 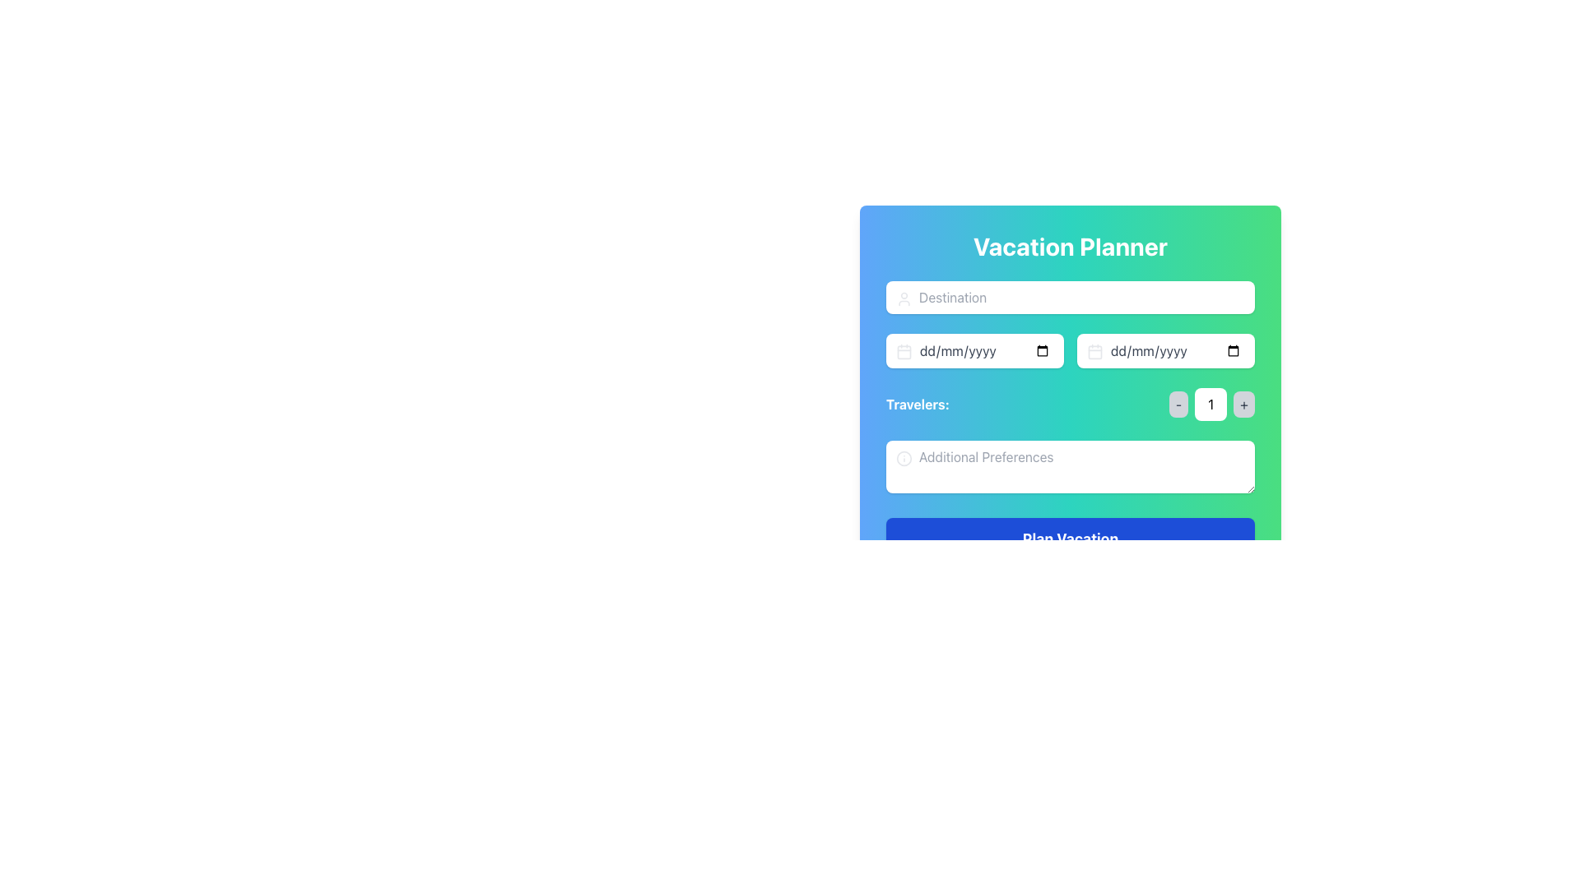 I want to click on the Static Display Field displaying the number '1', which is located between the '-' and '+' buttons under the 'Travelers:' label, so click(x=1211, y=405).